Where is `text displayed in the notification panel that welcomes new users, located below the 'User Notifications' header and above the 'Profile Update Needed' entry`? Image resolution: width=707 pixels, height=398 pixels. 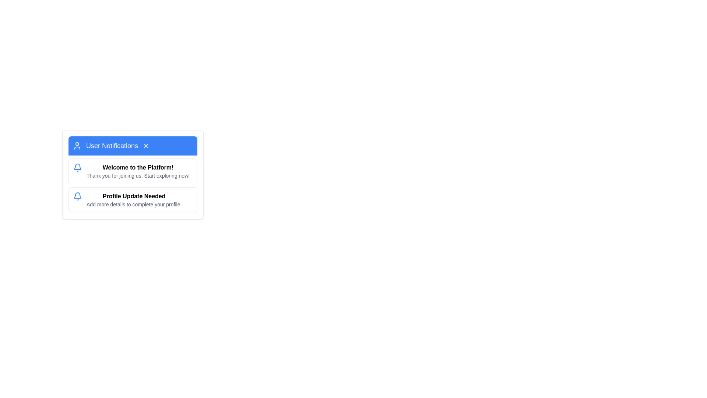
text displayed in the notification panel that welcomes new users, located below the 'User Notifications' header and above the 'Profile Update Needed' entry is located at coordinates (138, 171).